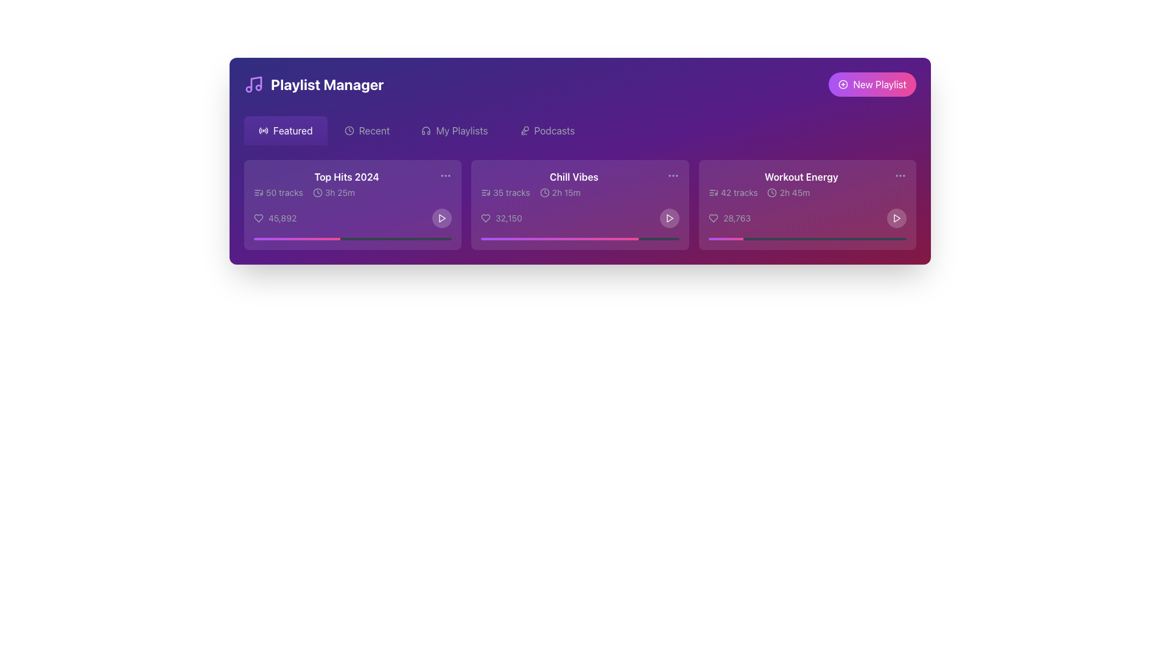 The width and height of the screenshot is (1169, 657). What do you see at coordinates (485, 217) in the screenshot?
I see `the heart-shaped icon located to the left of the text '32,150' within the 'Chill Vibes' playlist card for keyboard navigation` at bounding box center [485, 217].